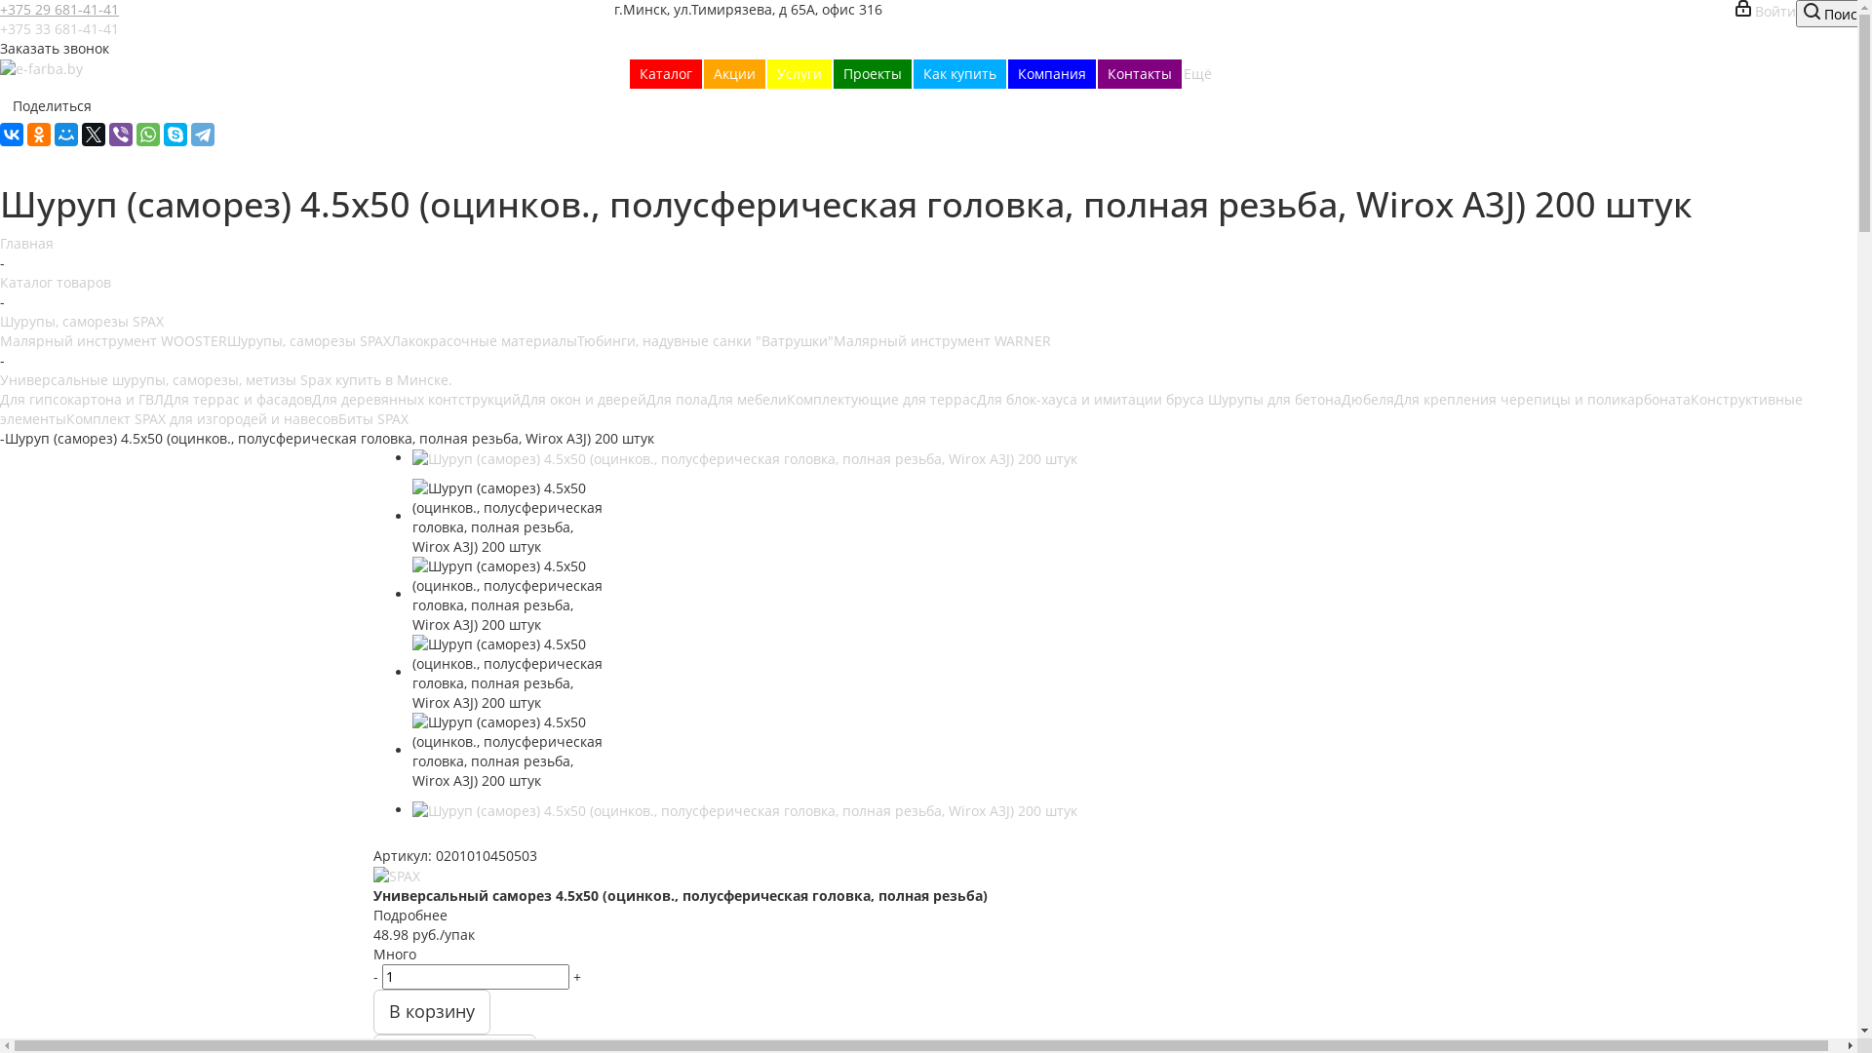 Image resolution: width=1872 pixels, height=1053 pixels. I want to click on 'Skype', so click(175, 134).